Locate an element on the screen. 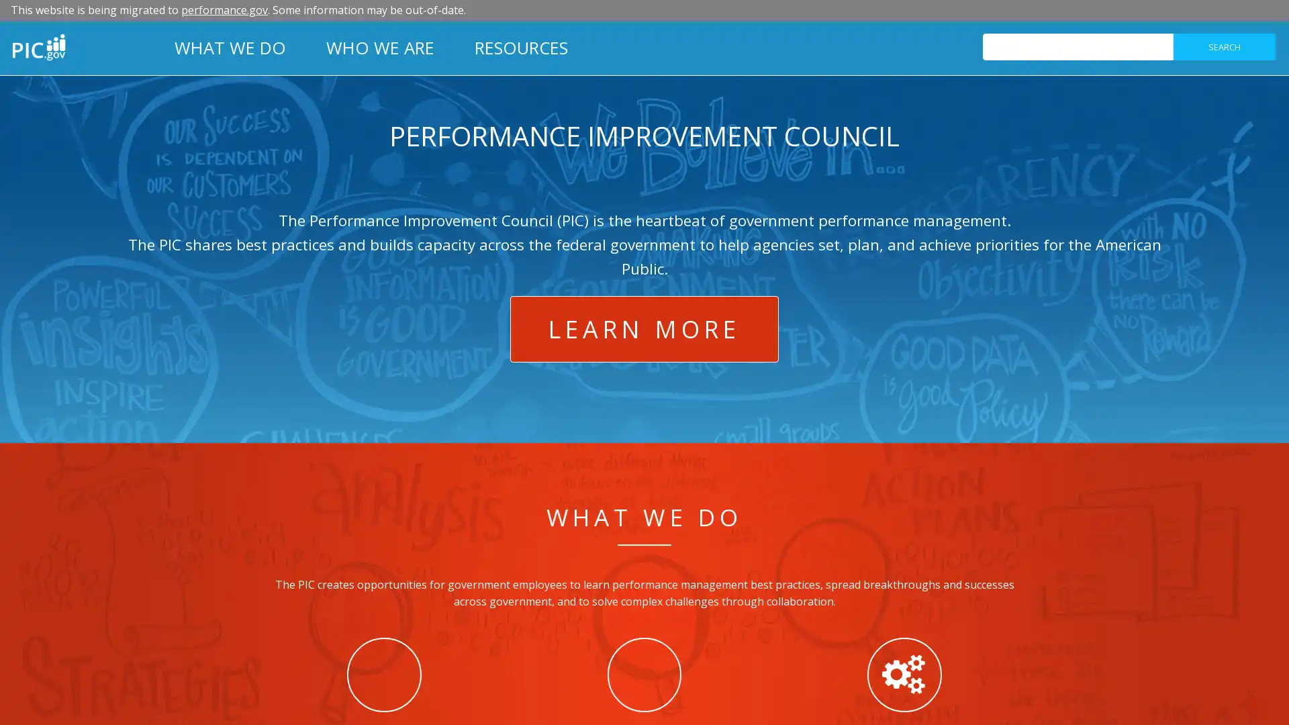 This screenshot has height=725, width=1289. Search is located at coordinates (1224, 46).